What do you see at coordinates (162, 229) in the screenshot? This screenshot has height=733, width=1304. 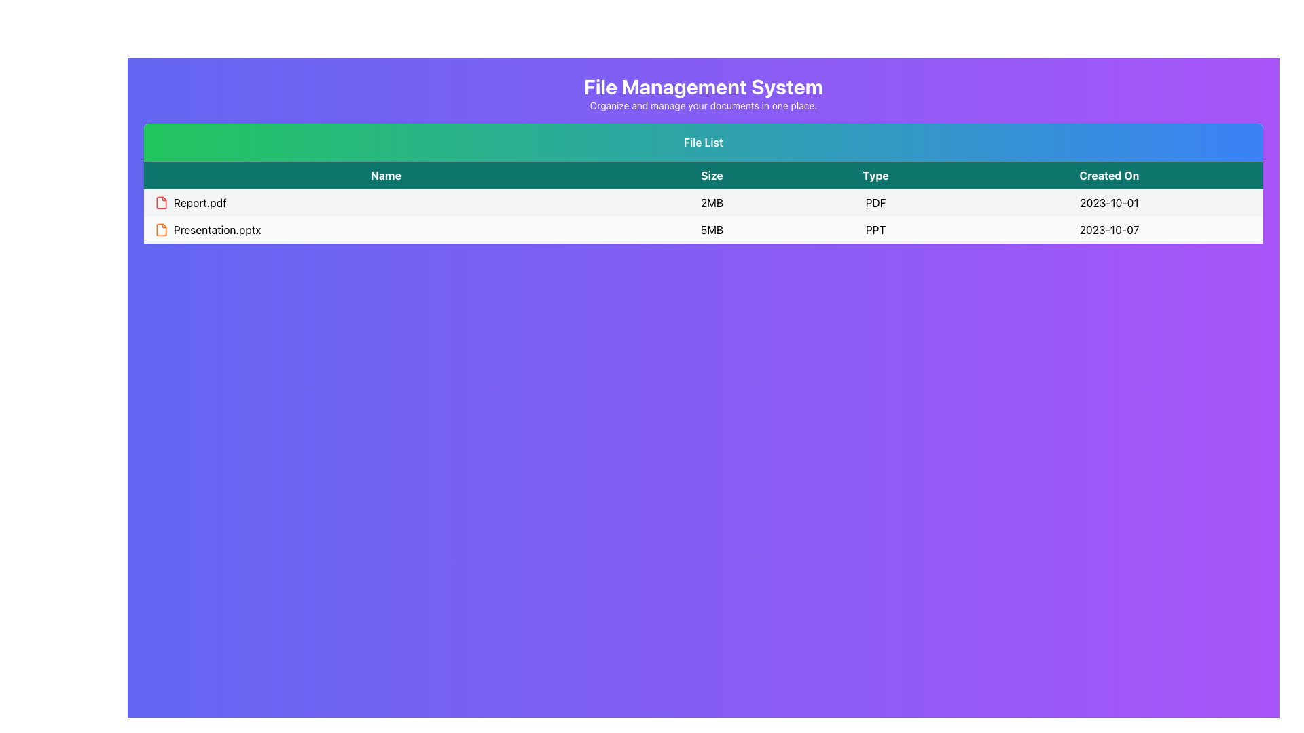 I see `the icon resembling a document or file in the 'Name' column of the second row of the table, which is adjacent to the text 'Presentation.pptx'` at bounding box center [162, 229].